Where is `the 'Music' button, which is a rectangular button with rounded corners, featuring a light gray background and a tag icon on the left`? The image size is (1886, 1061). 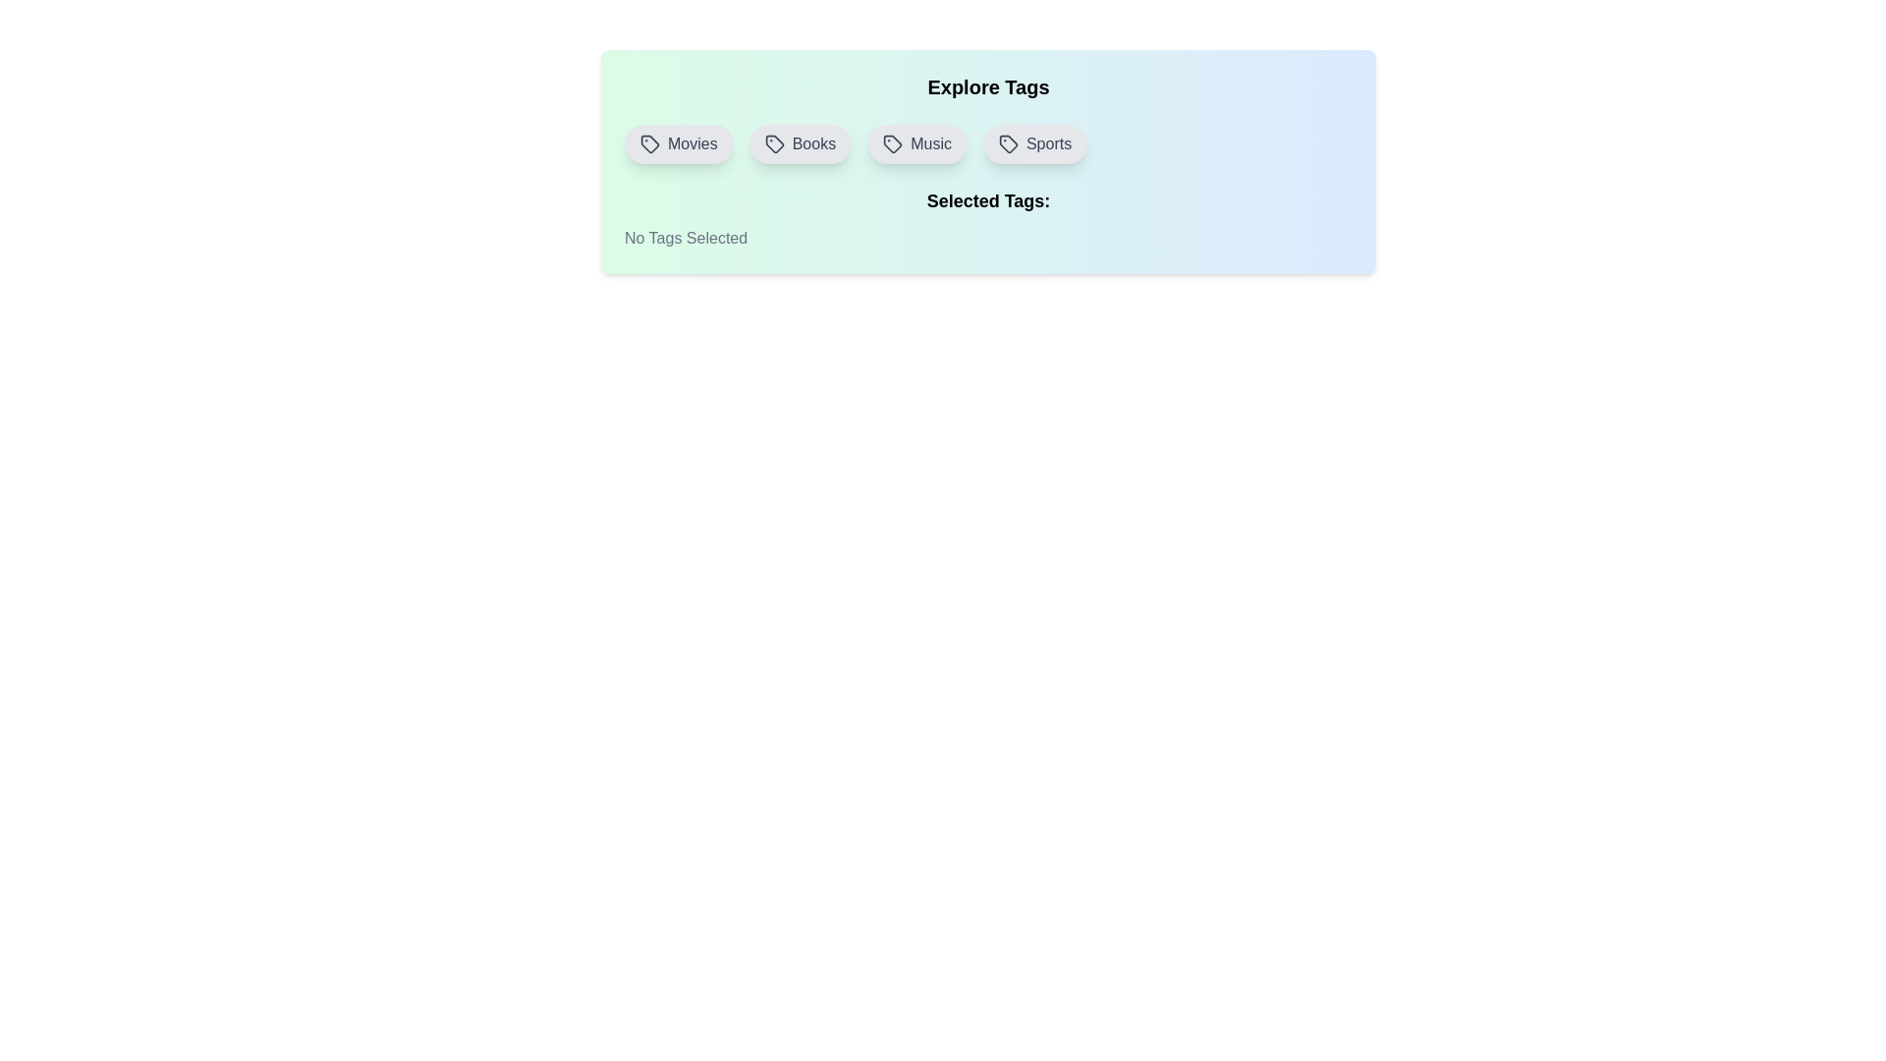
the 'Music' button, which is a rectangular button with rounded corners, featuring a light gray background and a tag icon on the left is located at coordinates (916, 142).